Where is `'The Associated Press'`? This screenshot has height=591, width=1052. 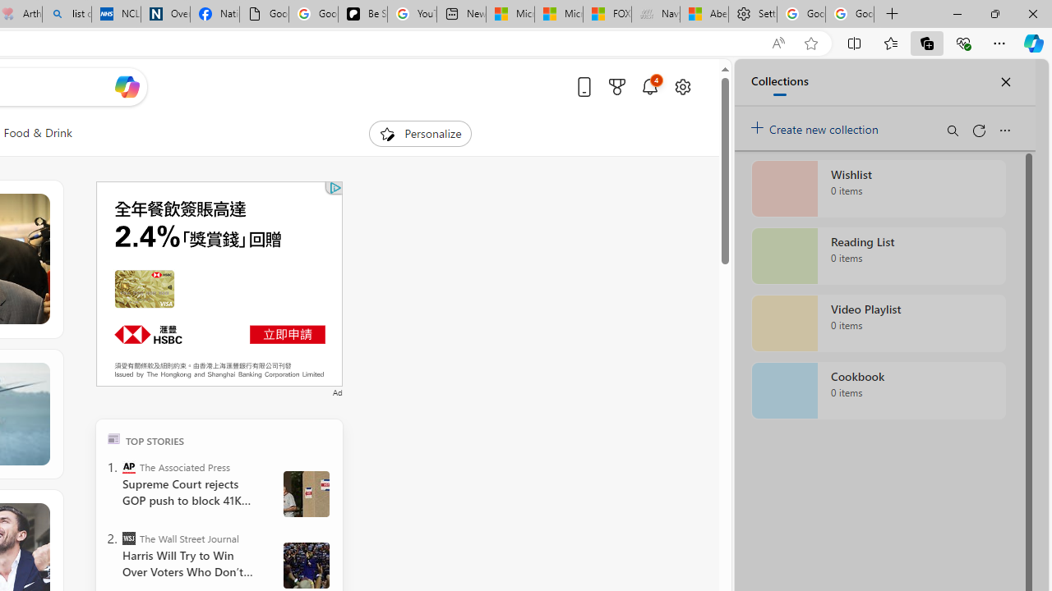
'The Associated Press' is located at coordinates (127, 466).